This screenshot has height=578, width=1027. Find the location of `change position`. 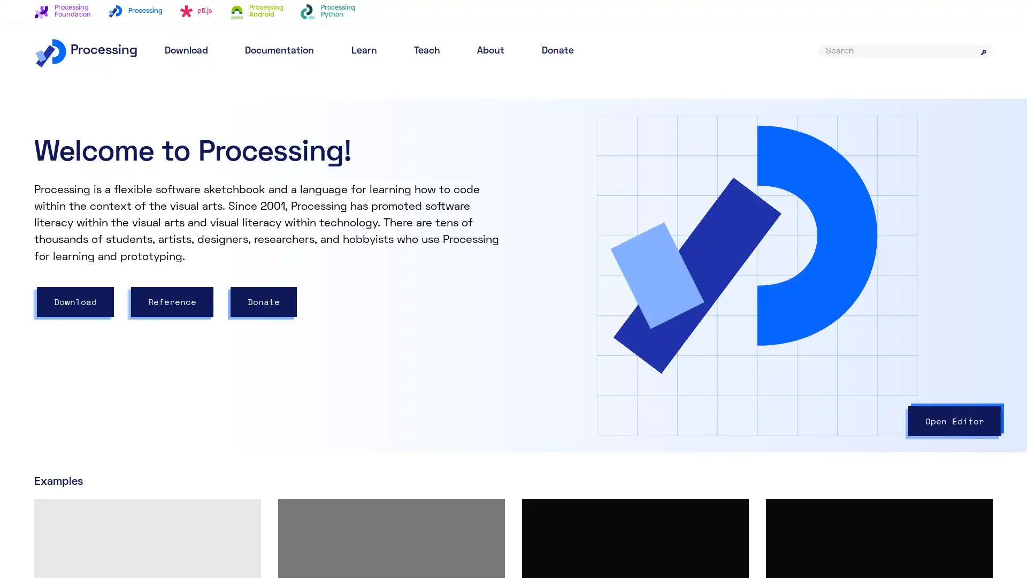

change position is located at coordinates (783, 293).